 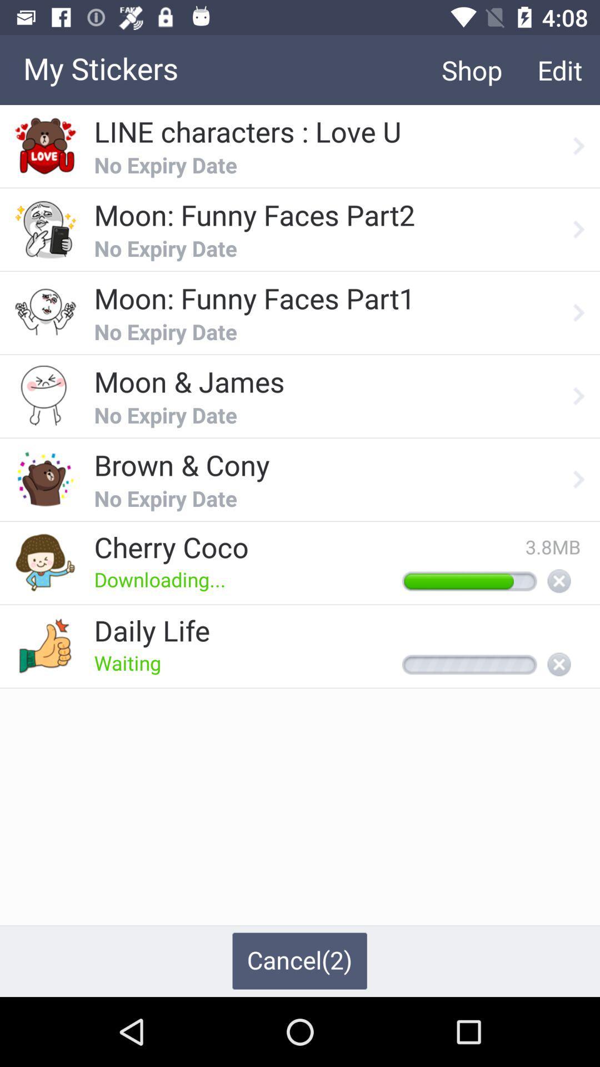 What do you see at coordinates (299, 960) in the screenshot?
I see `cancel(2) app` at bounding box center [299, 960].